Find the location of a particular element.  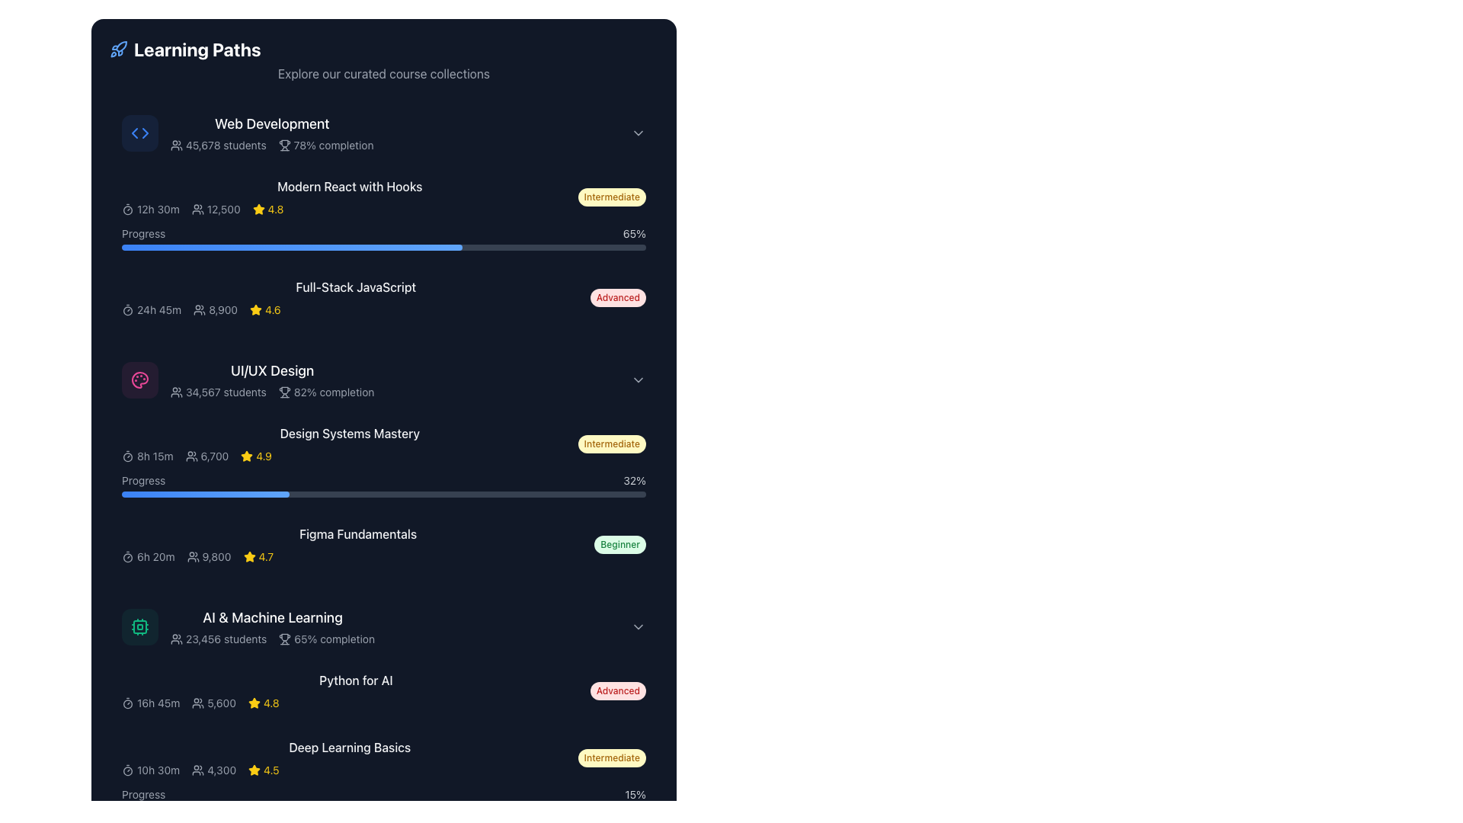

the static text displaying '15%' in light gray, located in the bottom-right part of the interface is located at coordinates (635, 793).